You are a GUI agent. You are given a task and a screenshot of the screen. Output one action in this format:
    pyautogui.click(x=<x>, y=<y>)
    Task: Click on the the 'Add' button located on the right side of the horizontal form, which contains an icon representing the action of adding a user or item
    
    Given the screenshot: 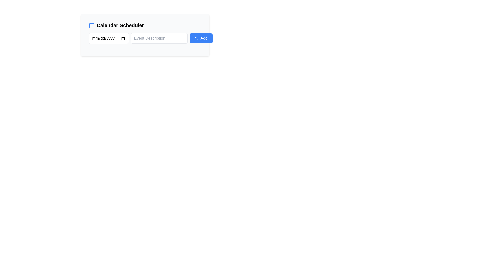 What is the action you would take?
    pyautogui.click(x=196, y=38)
    